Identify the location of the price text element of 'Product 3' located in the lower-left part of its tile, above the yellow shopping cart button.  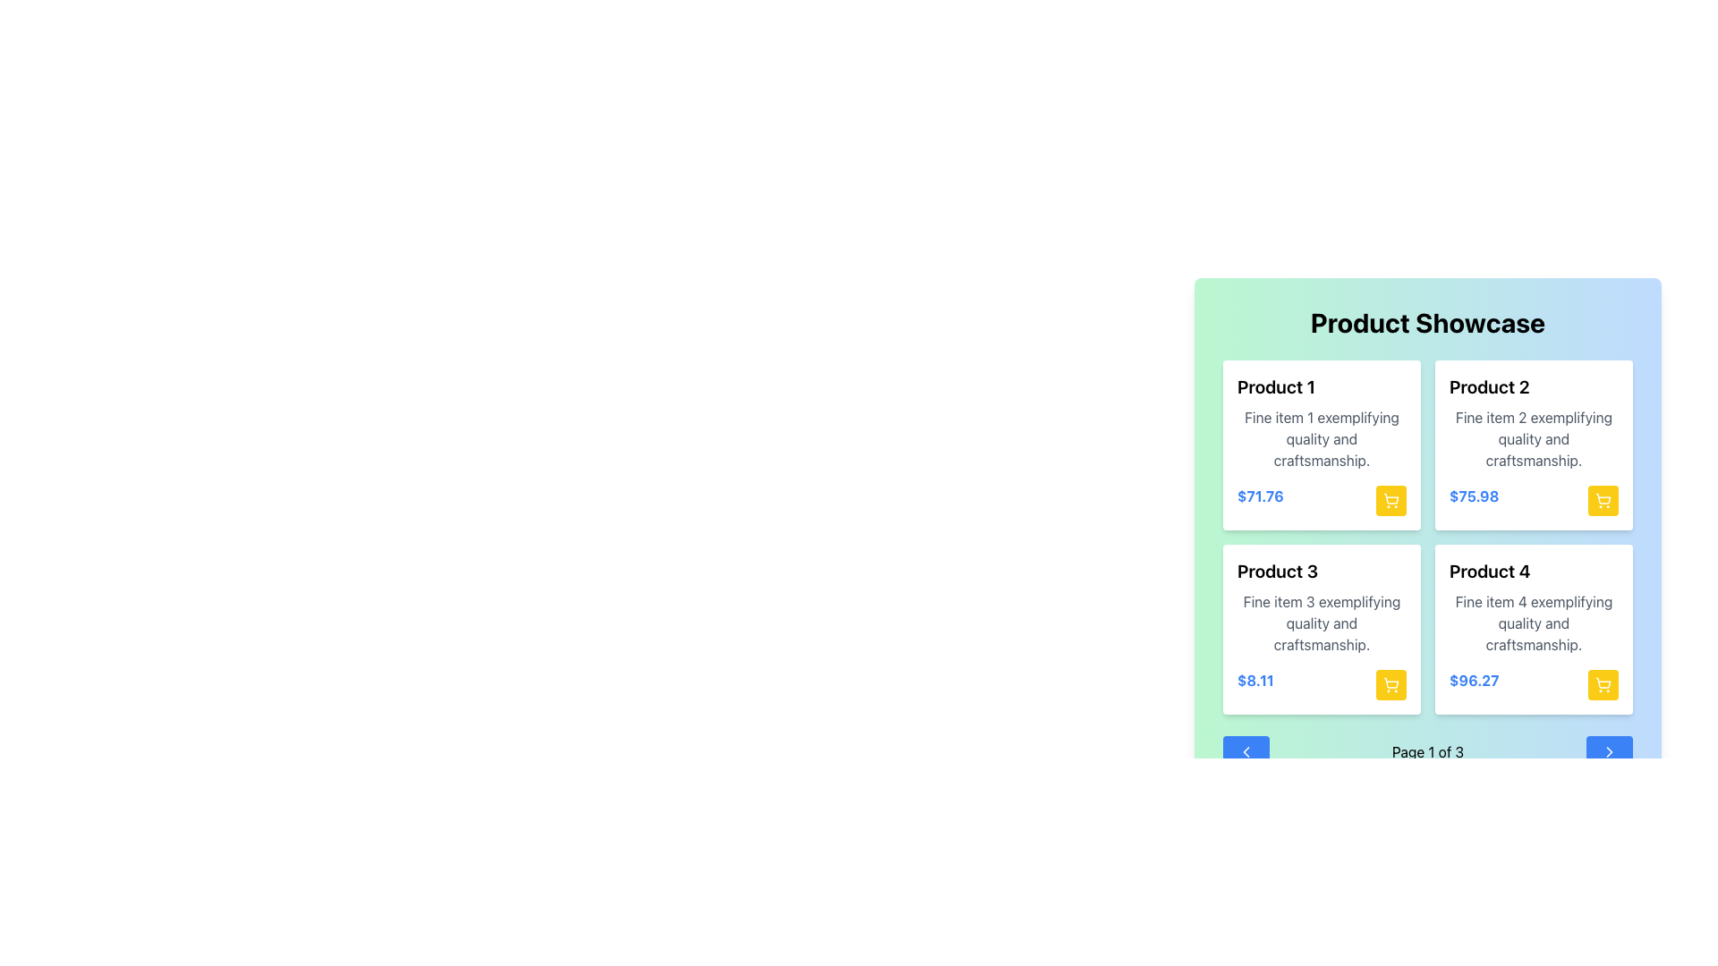
(1254, 684).